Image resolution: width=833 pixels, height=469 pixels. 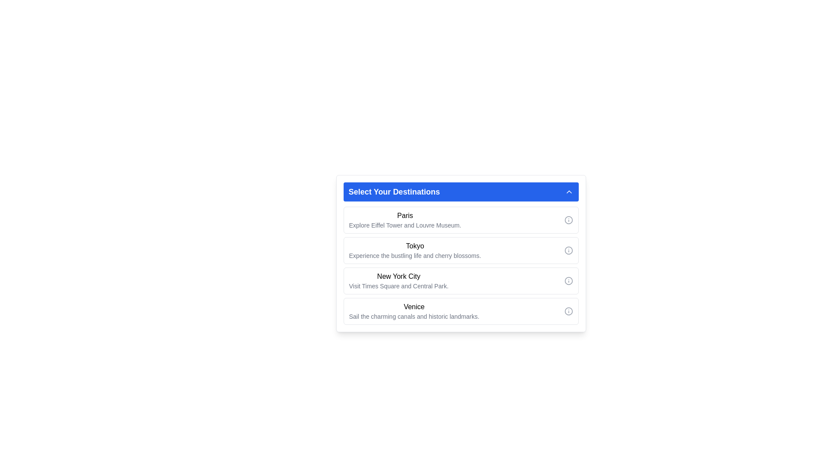 I want to click on the text snippet that reads 'Sail the charming canals and historic landmarks.' located below the title 'Venice', so click(x=413, y=317).